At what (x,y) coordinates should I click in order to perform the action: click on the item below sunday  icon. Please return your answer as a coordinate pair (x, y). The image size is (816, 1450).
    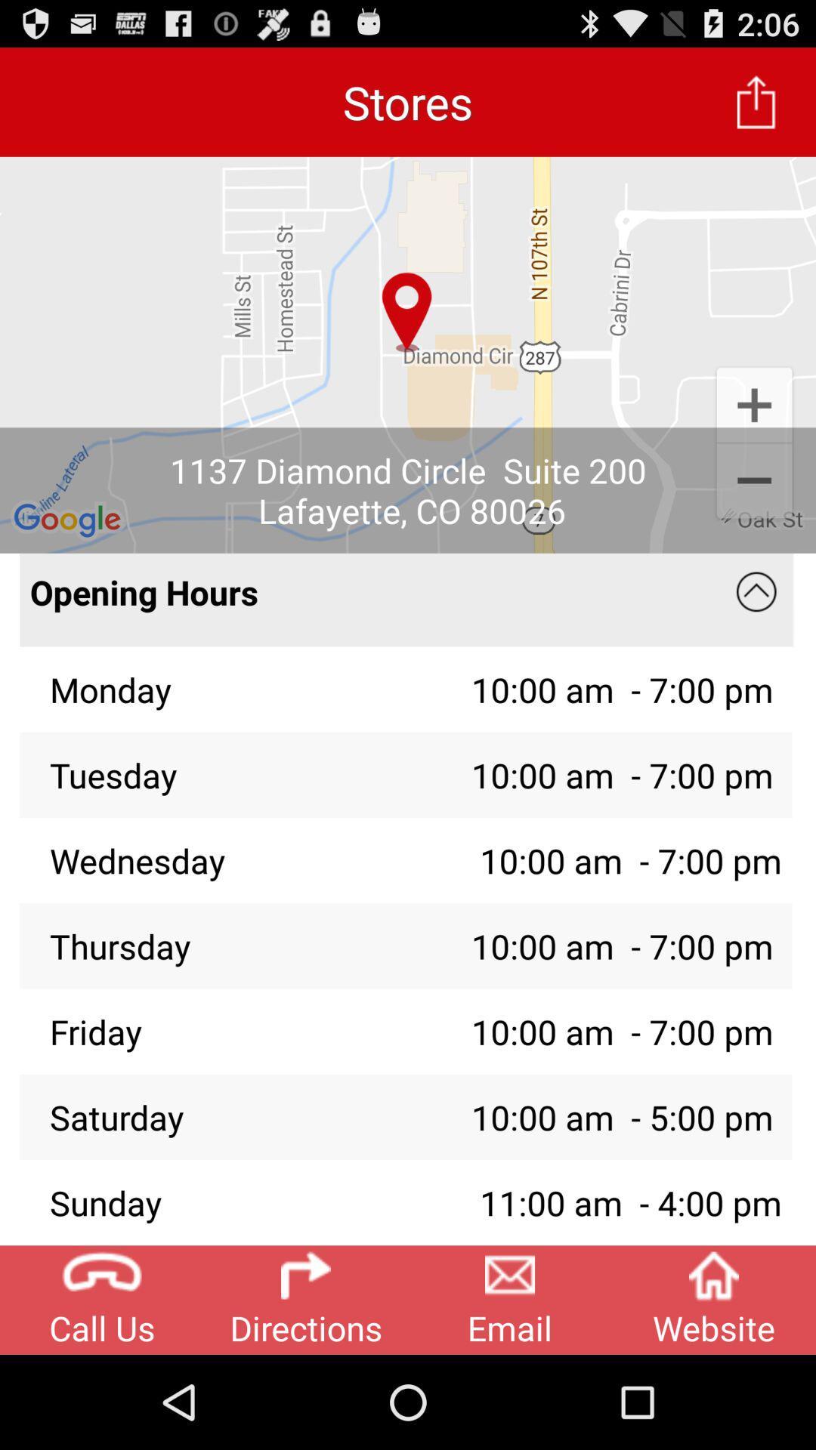
    Looking at the image, I should click on (306, 1299).